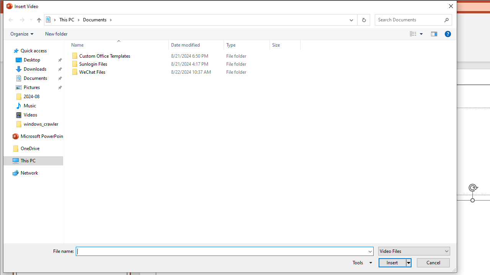  I want to click on 'This PC', so click(69, 19).